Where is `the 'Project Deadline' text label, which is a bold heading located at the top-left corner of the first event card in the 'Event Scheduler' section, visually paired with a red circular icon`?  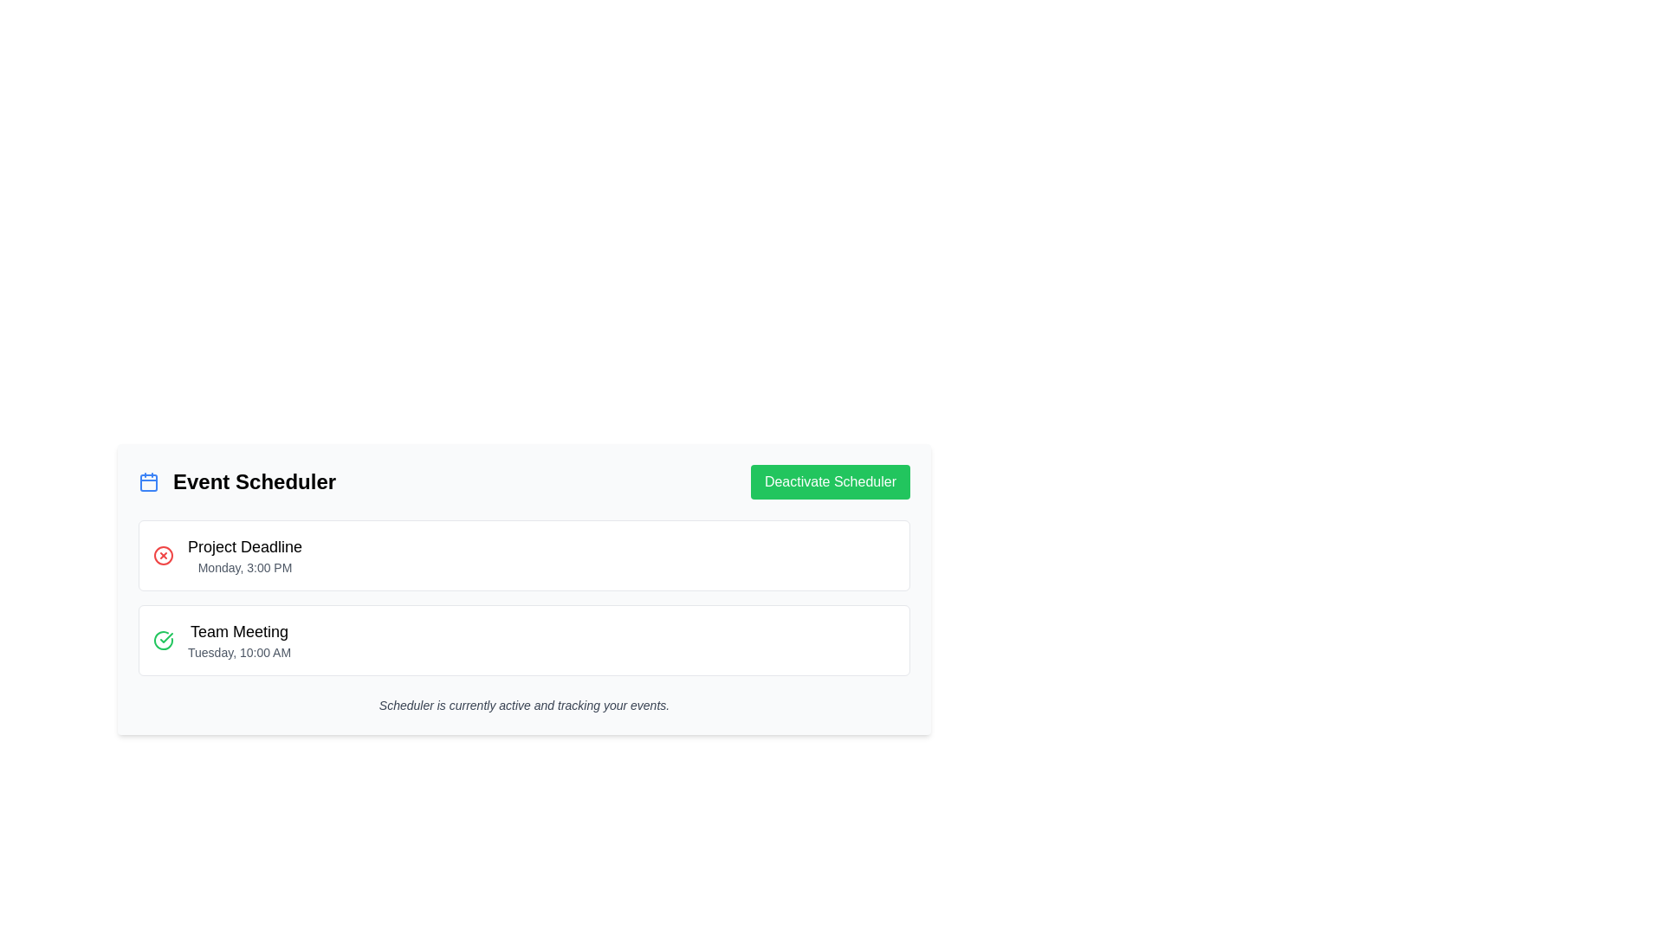 the 'Project Deadline' text label, which is a bold heading located at the top-left corner of the first event card in the 'Event Scheduler' section, visually paired with a red circular icon is located at coordinates (244, 547).